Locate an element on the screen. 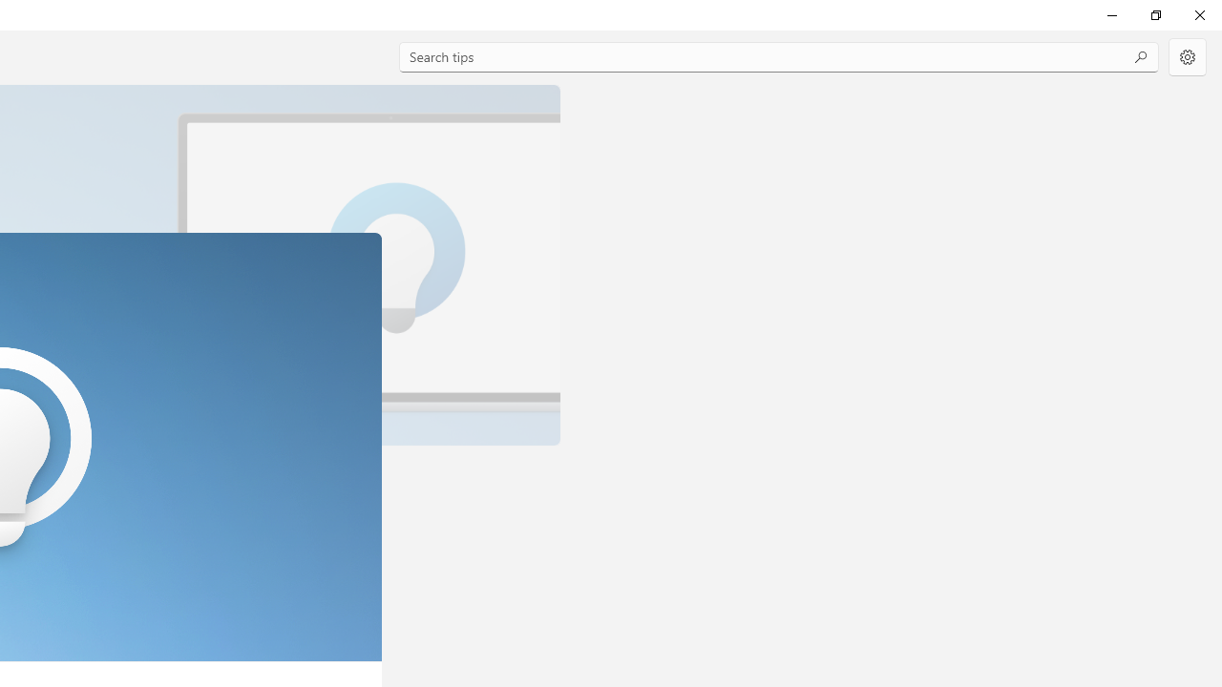  'Settings' is located at coordinates (1187, 56).